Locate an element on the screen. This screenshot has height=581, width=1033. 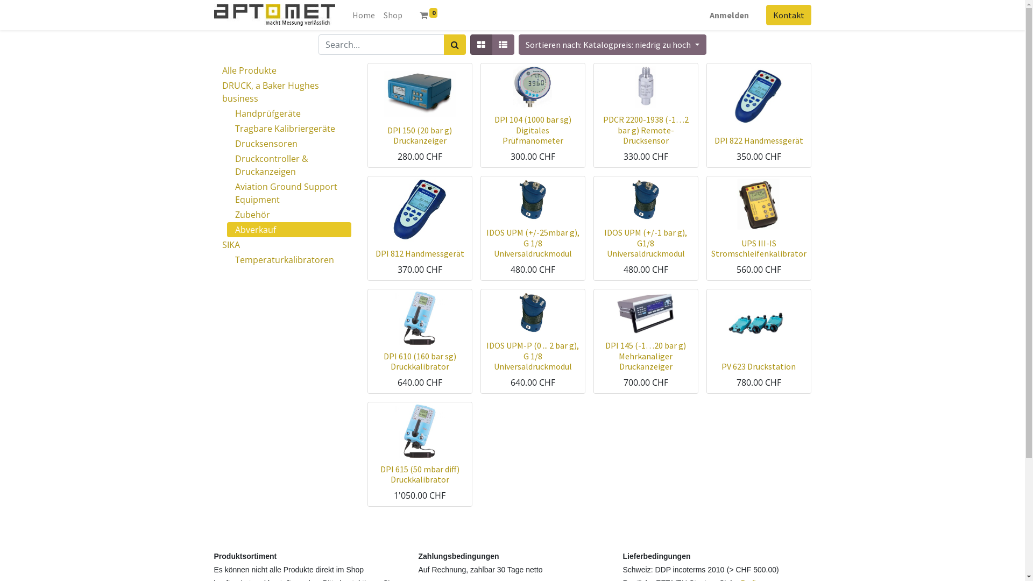
'Shop' is located at coordinates (392, 15).